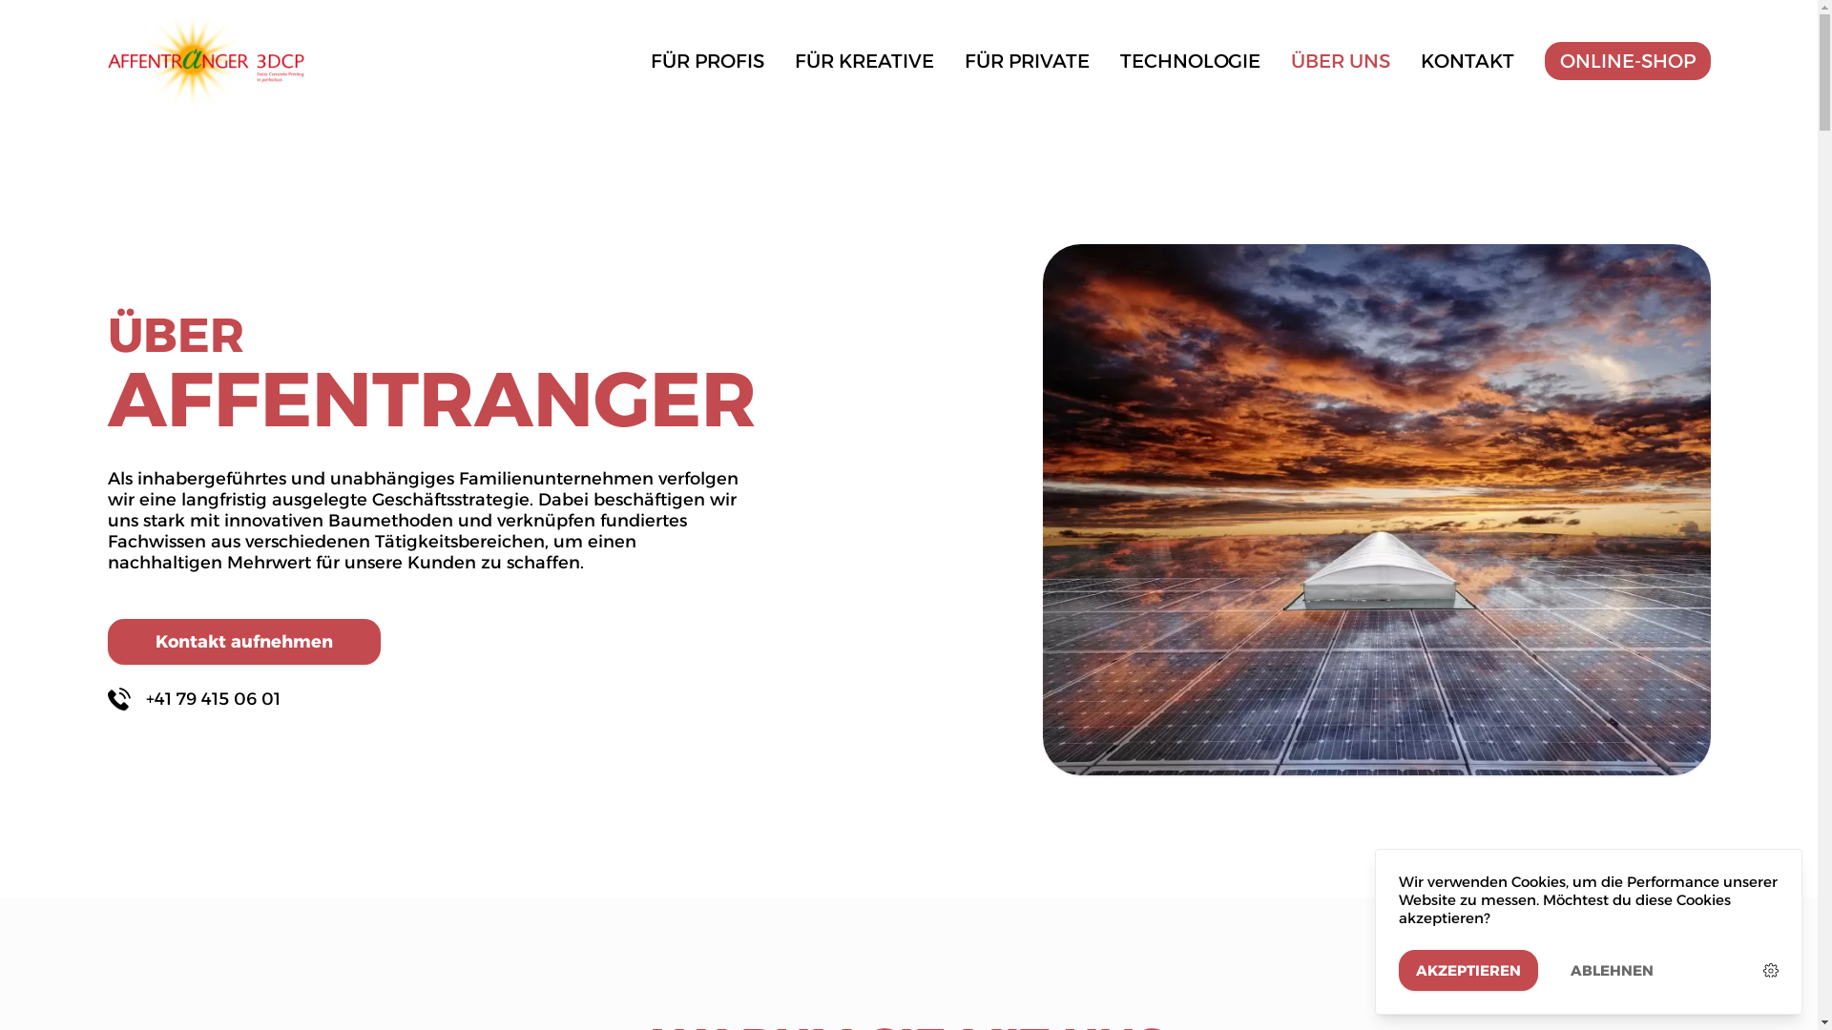 The image size is (1832, 1030). Describe the element at coordinates (1611, 970) in the screenshot. I see `'ABLEHNEN'` at that location.